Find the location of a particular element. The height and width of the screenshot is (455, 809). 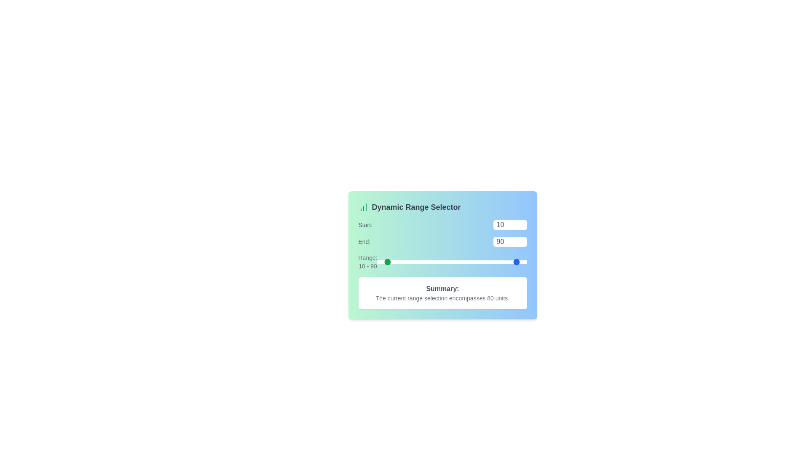

the 'End' range value to 80 using the input box is located at coordinates (509, 242).